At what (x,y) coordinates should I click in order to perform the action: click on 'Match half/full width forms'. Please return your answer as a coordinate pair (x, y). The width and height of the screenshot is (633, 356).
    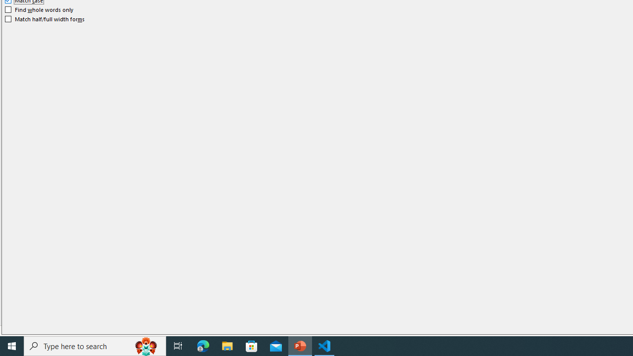
    Looking at the image, I should click on (45, 19).